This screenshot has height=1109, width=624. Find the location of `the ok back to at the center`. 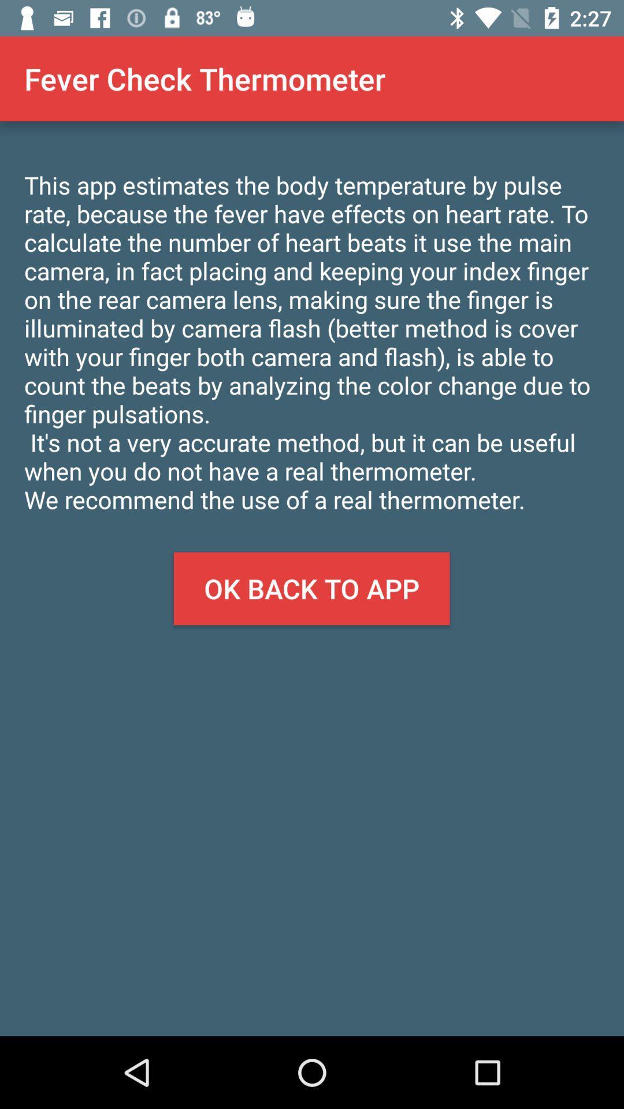

the ok back to at the center is located at coordinates (311, 589).